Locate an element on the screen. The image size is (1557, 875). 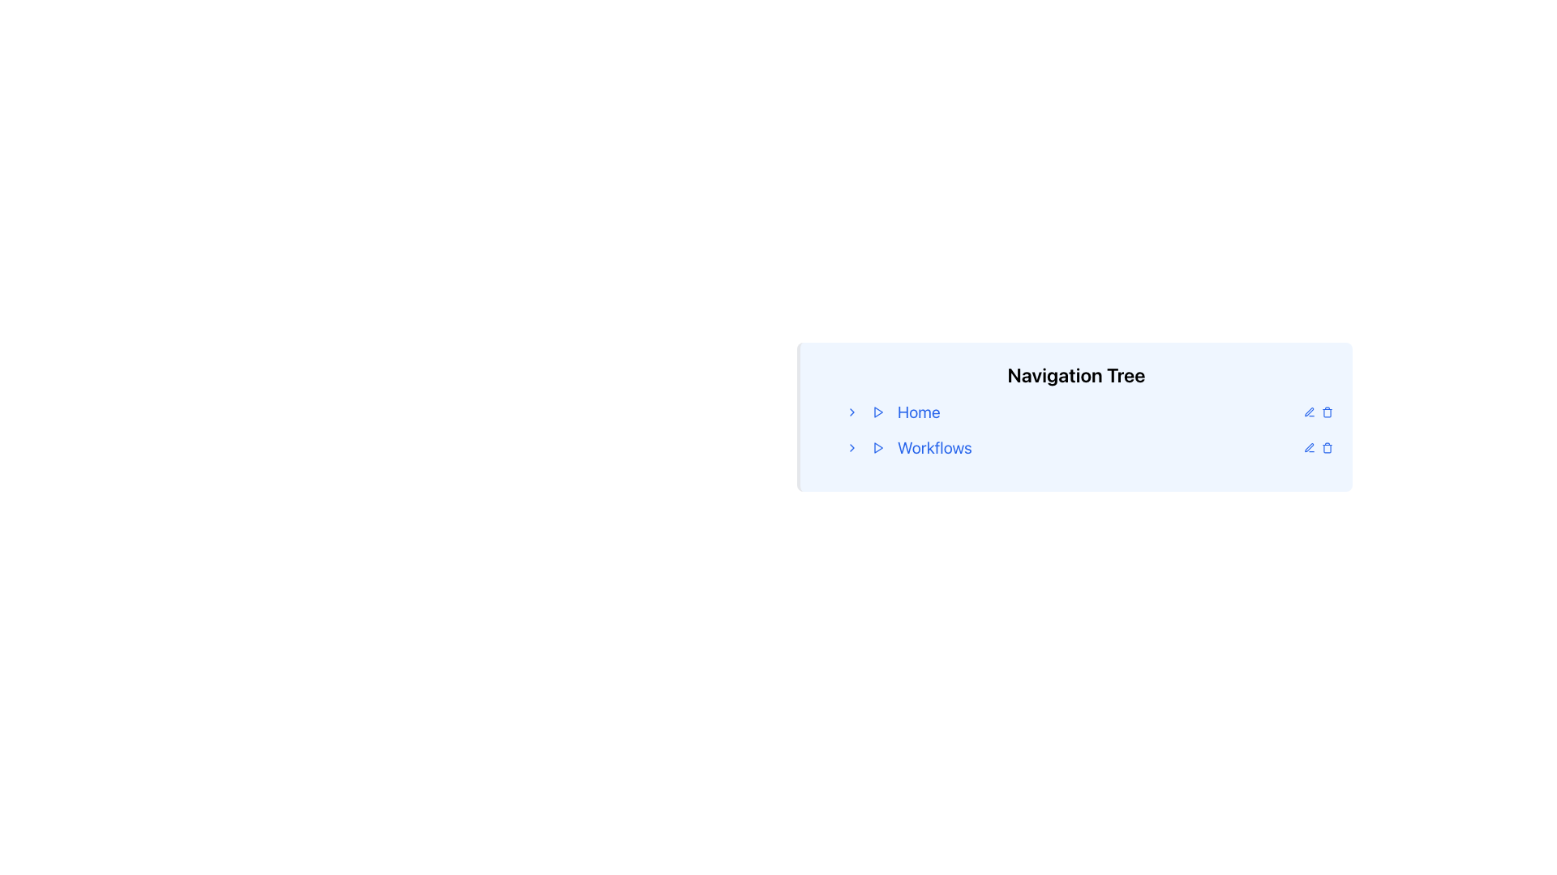
the icon located to the immediate left of the 'Workflows' text label is located at coordinates (877, 447).